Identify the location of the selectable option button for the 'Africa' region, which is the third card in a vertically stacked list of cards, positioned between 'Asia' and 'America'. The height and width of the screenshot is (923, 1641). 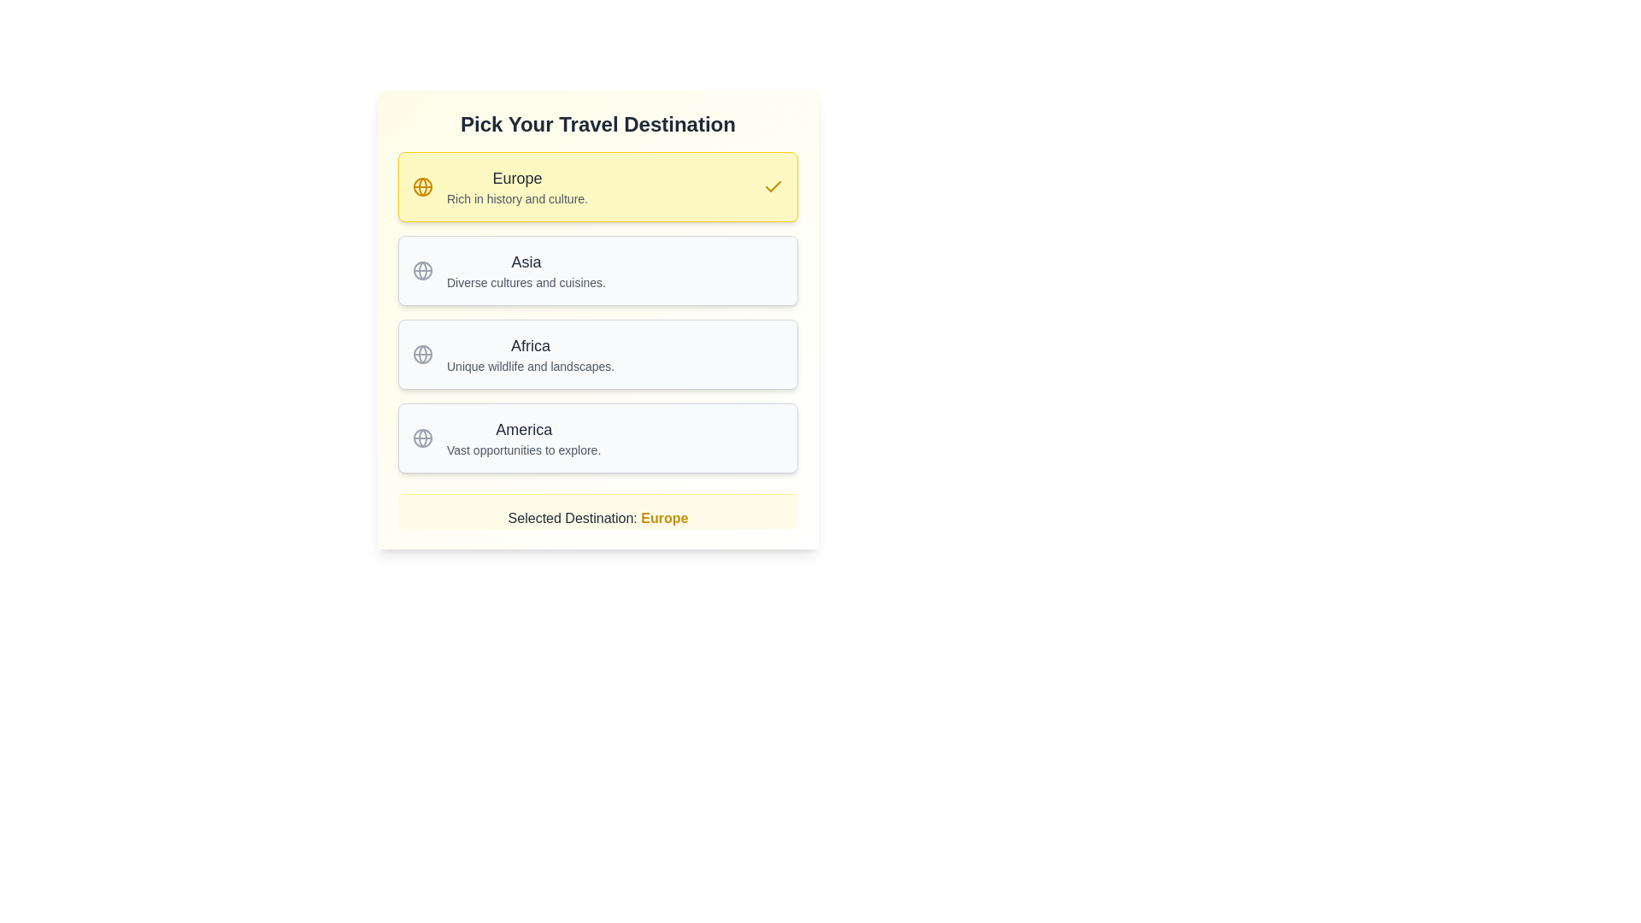
(598, 354).